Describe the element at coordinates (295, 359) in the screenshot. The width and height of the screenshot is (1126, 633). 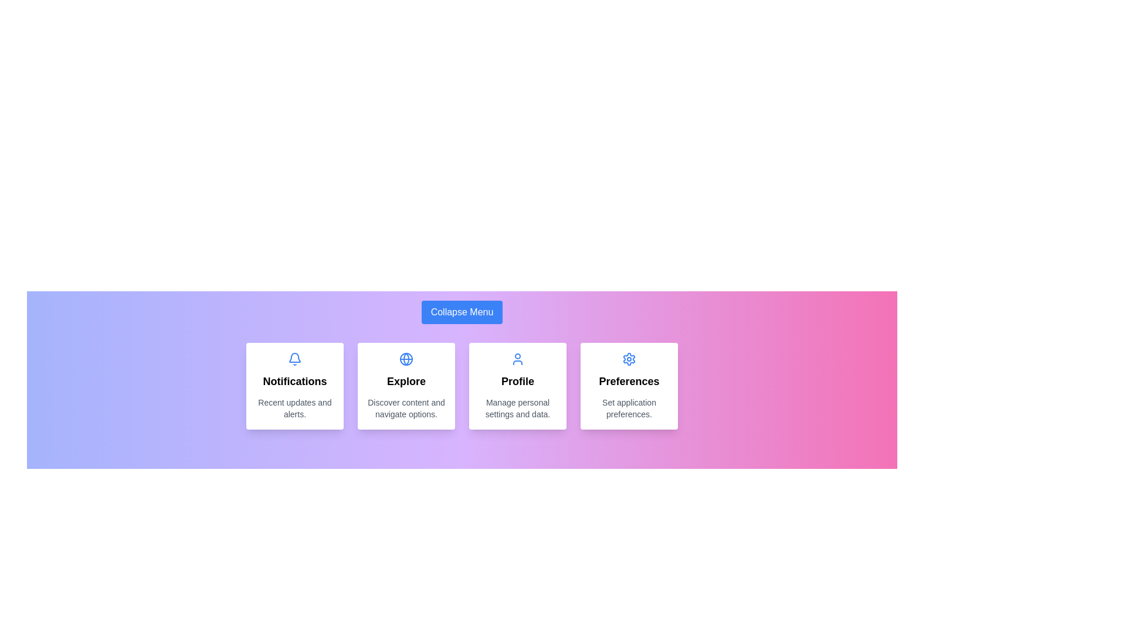
I see `the icon corresponding to the menu item Notifications` at that location.